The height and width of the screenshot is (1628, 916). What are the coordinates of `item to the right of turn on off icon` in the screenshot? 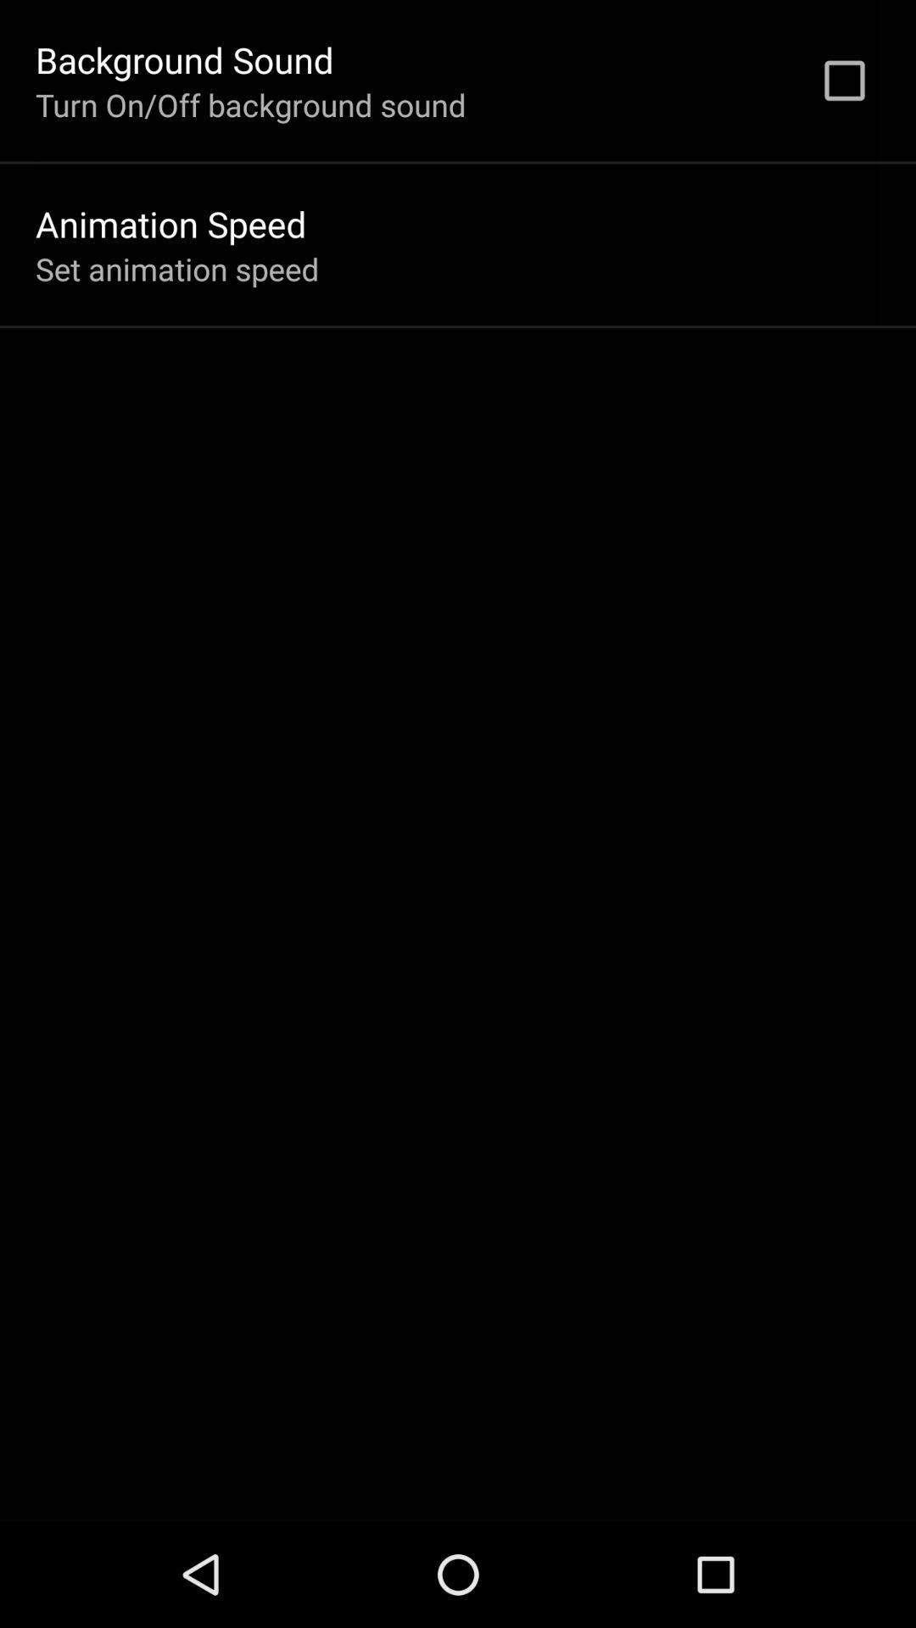 It's located at (844, 80).